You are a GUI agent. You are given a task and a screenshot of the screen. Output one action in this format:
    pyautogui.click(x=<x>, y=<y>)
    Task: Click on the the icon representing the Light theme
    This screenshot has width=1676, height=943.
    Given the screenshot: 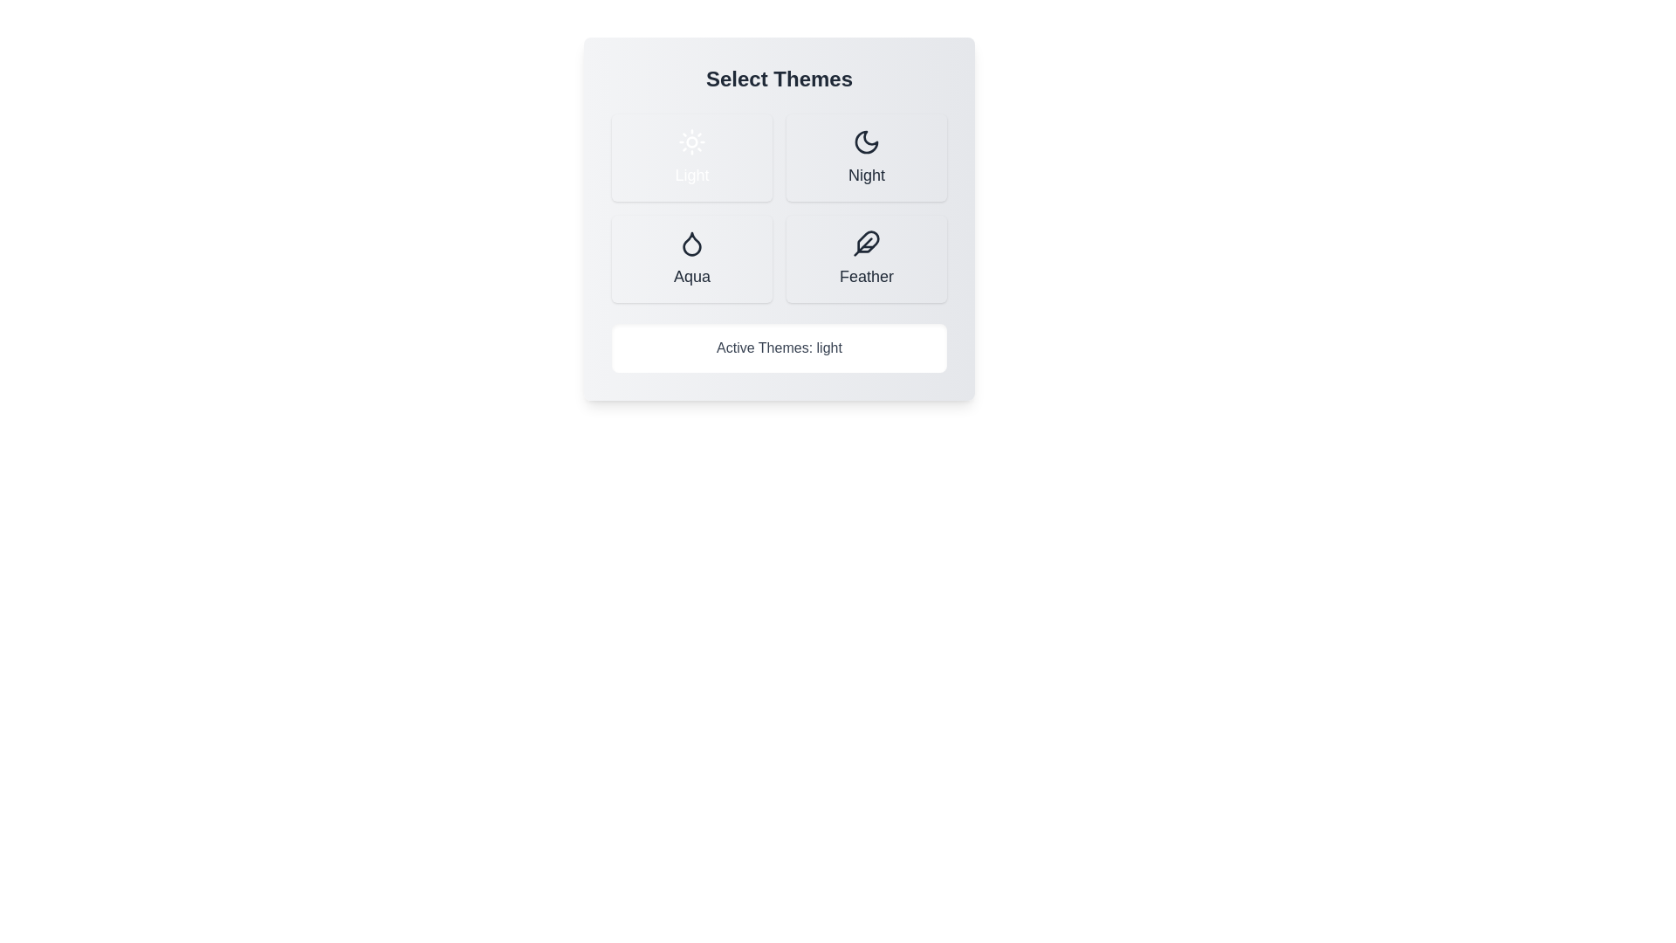 What is the action you would take?
    pyautogui.click(x=690, y=141)
    